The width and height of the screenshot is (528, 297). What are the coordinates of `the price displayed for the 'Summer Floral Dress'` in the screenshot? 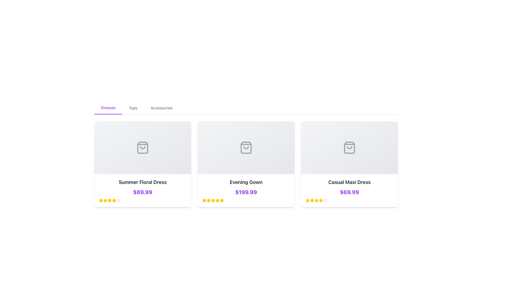 It's located at (142, 192).